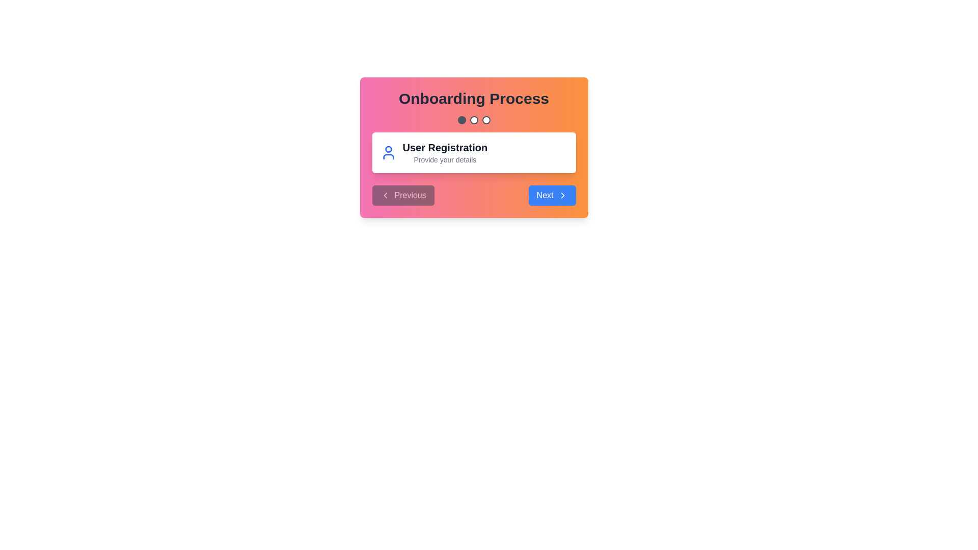  I want to click on the 'Previous' button located in the bottom-left corner of the onboarding card, so click(402, 196).